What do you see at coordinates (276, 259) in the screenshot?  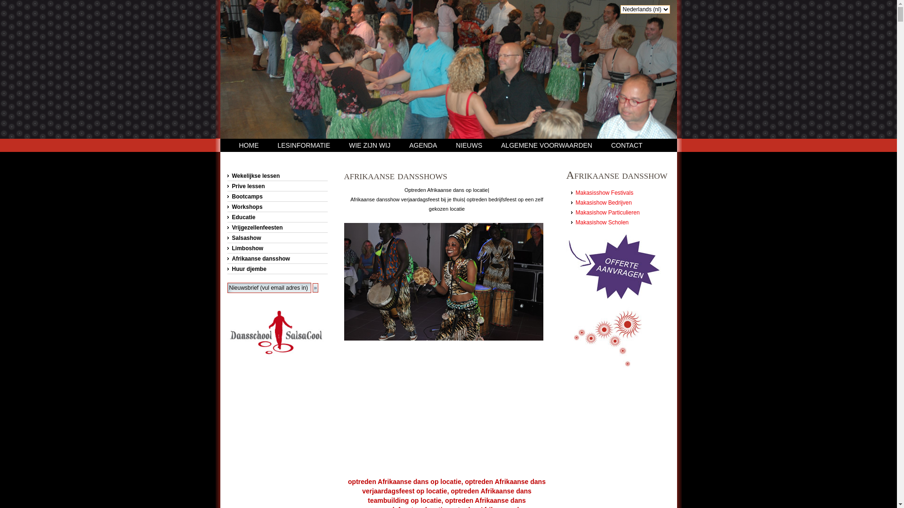 I see `'Afrikaanse dansshow'` at bounding box center [276, 259].